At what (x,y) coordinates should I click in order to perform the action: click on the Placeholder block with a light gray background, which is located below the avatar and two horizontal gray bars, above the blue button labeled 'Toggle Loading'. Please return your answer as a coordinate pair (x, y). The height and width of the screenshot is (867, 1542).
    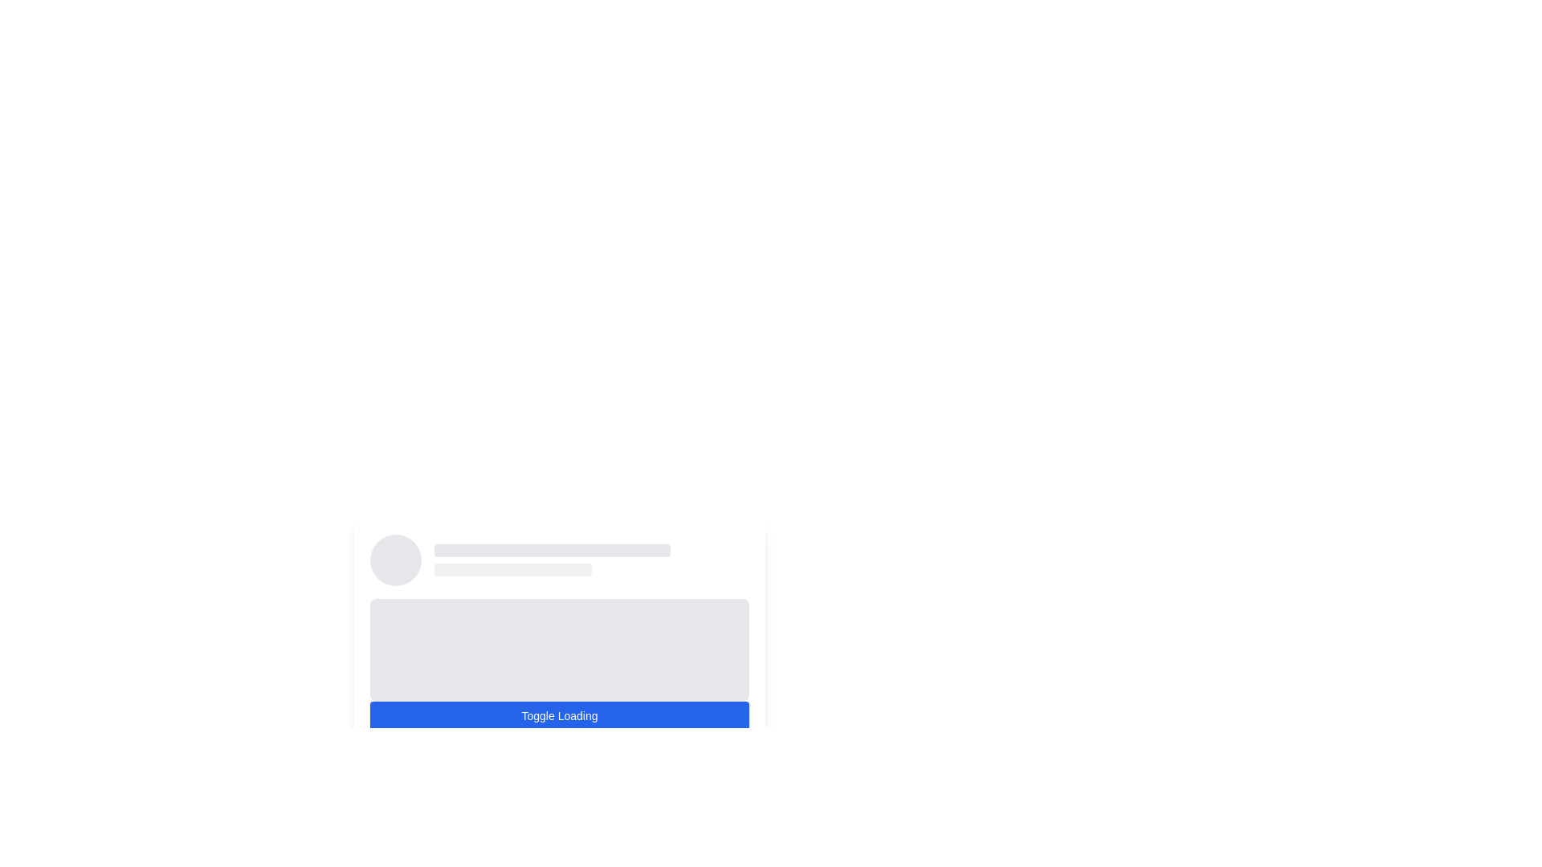
    Looking at the image, I should click on (559, 617).